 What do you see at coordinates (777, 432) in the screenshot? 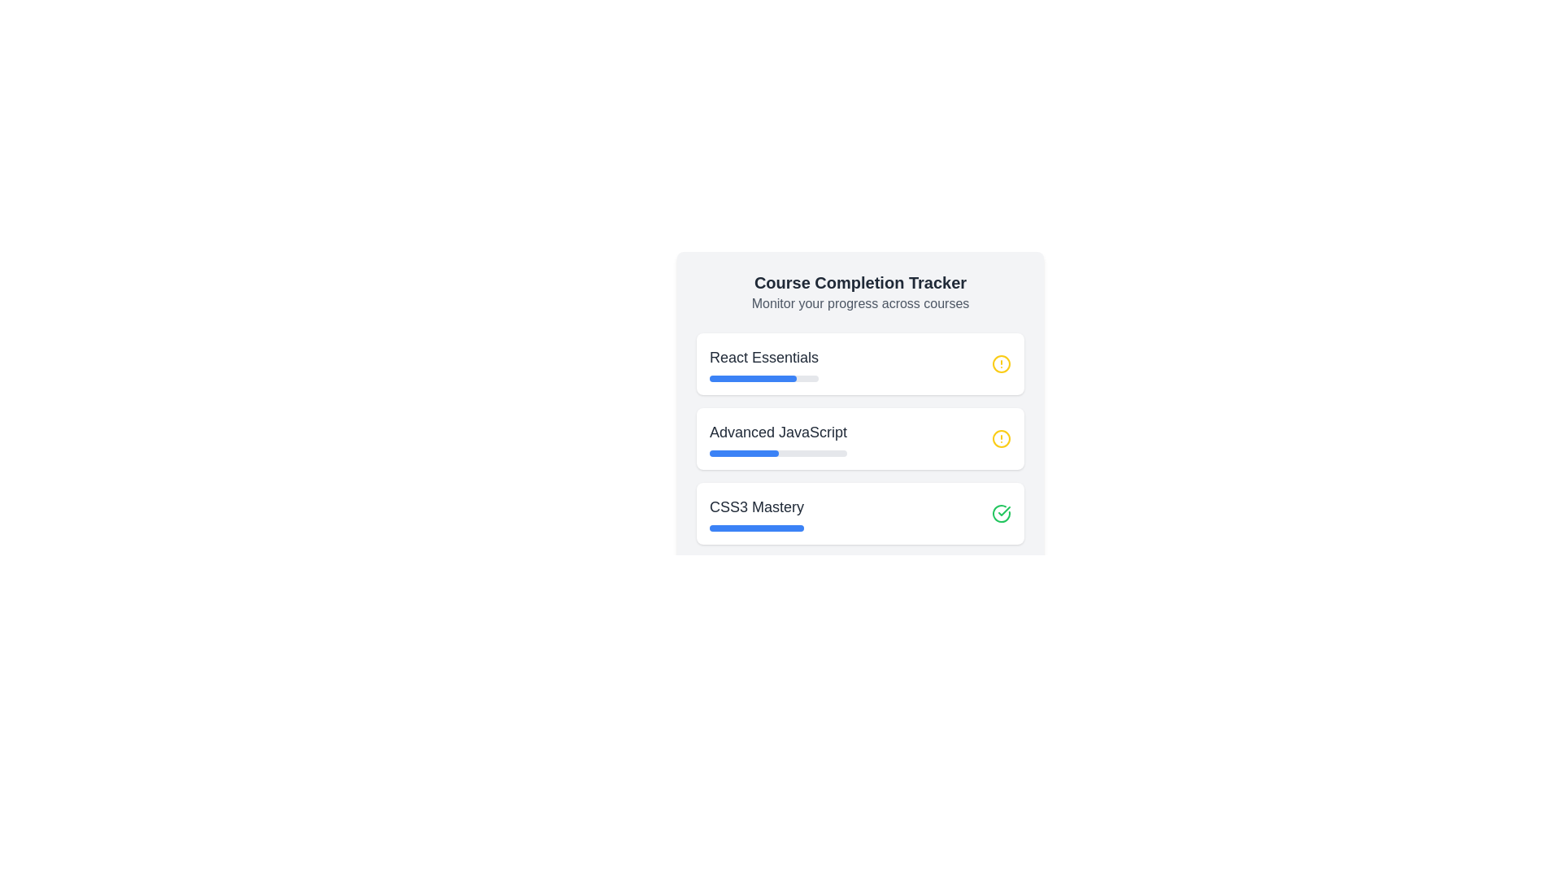
I see `the text label that displays the course name 'Advanced JavaScript' located in the second list item of the course progress panel` at bounding box center [777, 432].